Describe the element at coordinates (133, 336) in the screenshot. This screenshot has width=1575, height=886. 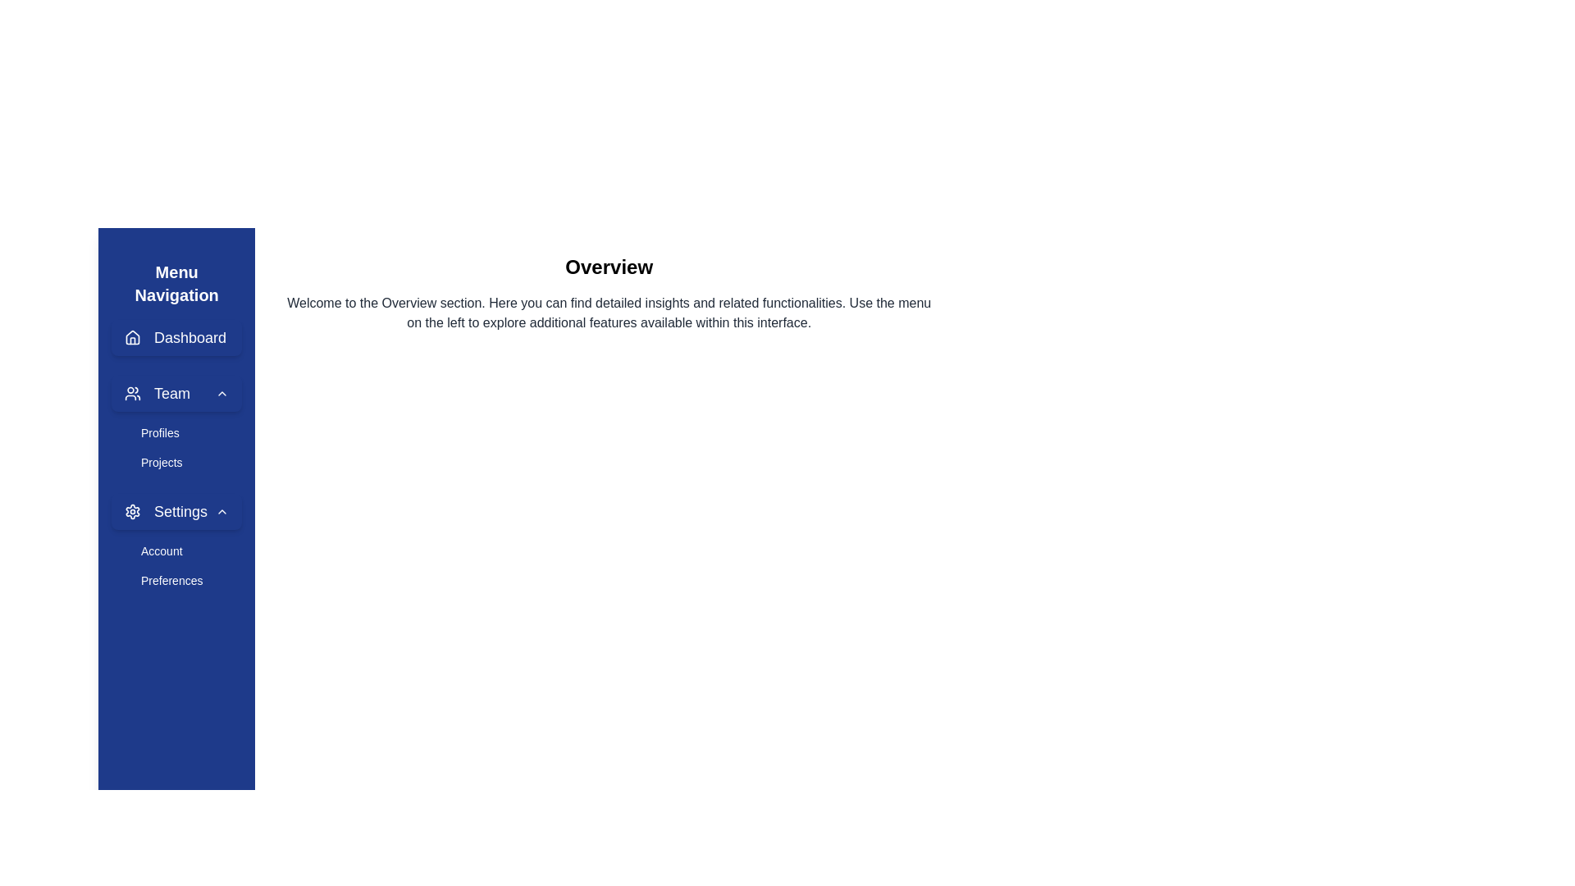
I see `the larger central portion of the house-shaped icon representing navigation to the home or dashboard section, located above the text 'Dashboard'` at that location.